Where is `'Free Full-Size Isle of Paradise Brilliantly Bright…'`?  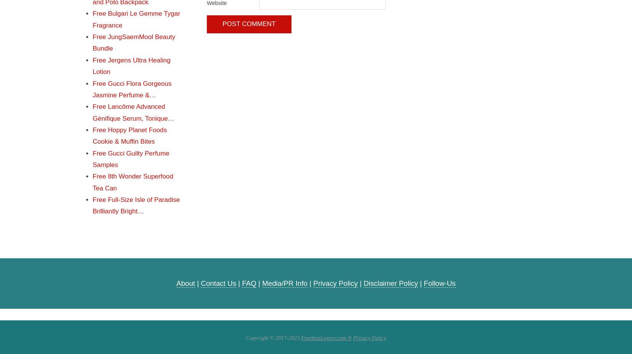
'Free Full-Size Isle of Paradise Brilliantly Bright…' is located at coordinates (136, 205).